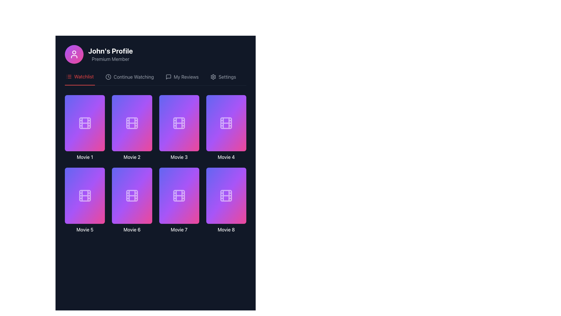 The height and width of the screenshot is (316, 561). Describe the element at coordinates (179, 229) in the screenshot. I see `the text label displaying 'Movie 7' which is centrally located below the seventh card in the grid layout of the 'Watchlist' section` at that location.